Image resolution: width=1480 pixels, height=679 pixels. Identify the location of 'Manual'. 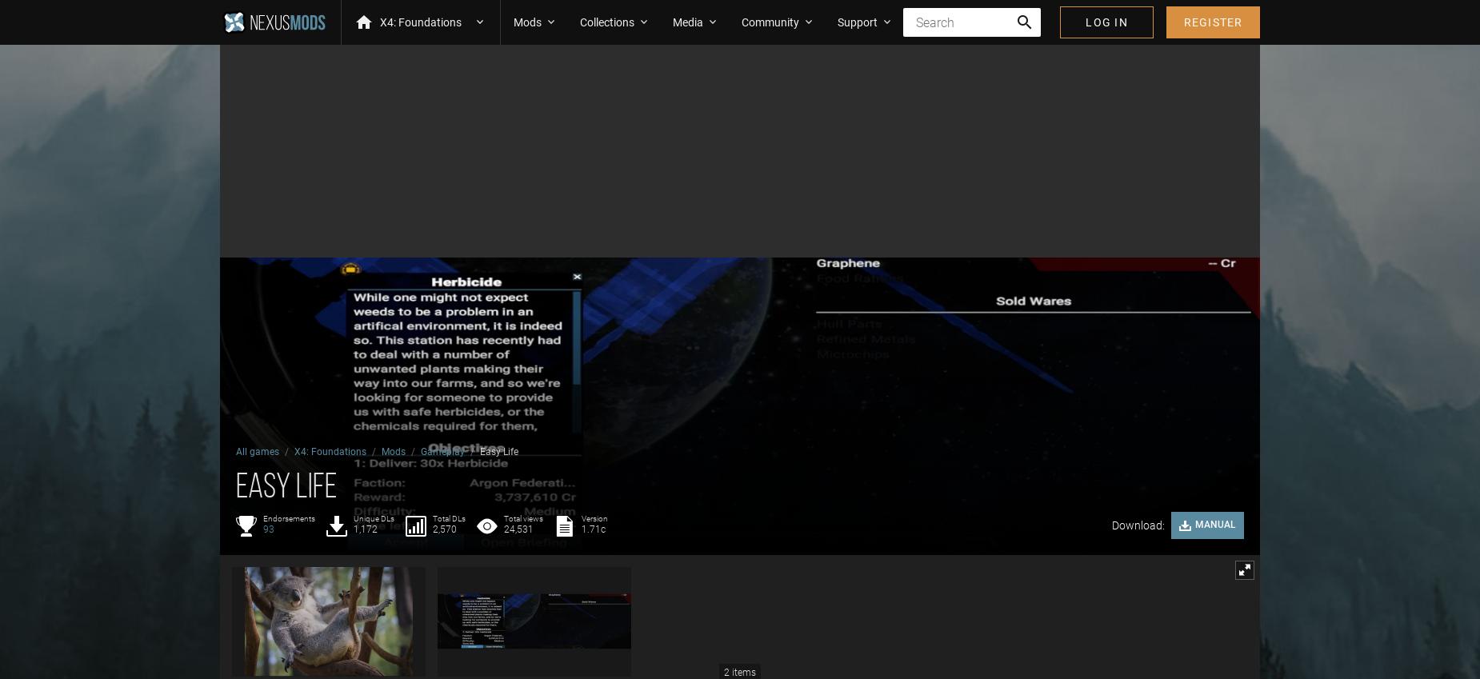
(1215, 525).